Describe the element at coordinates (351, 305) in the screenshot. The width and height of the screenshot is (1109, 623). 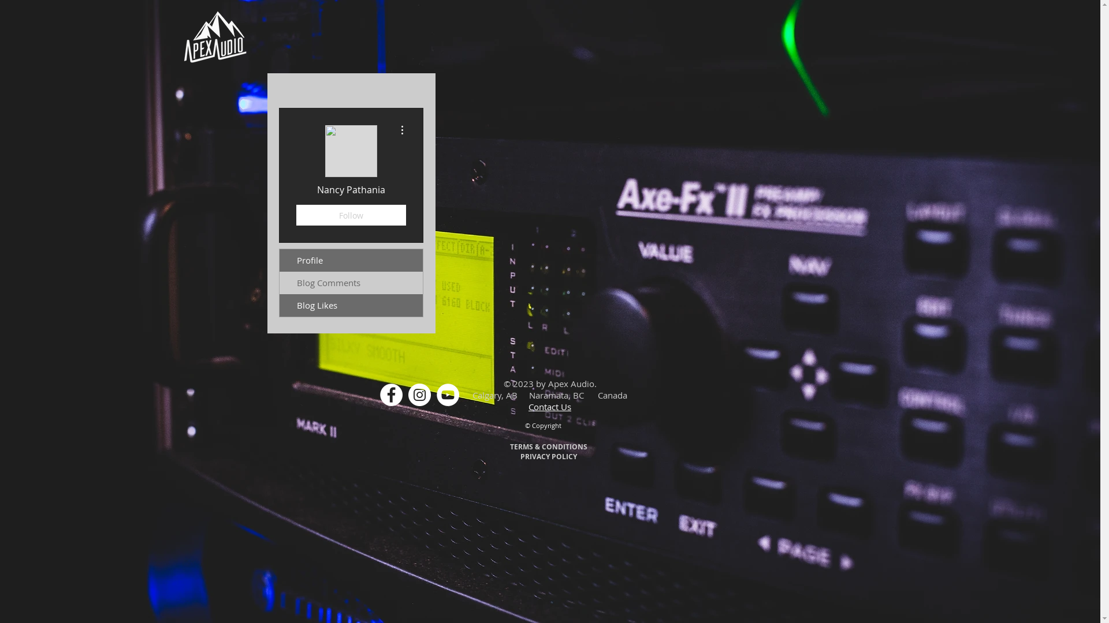
I see `'Blog Likes'` at that location.